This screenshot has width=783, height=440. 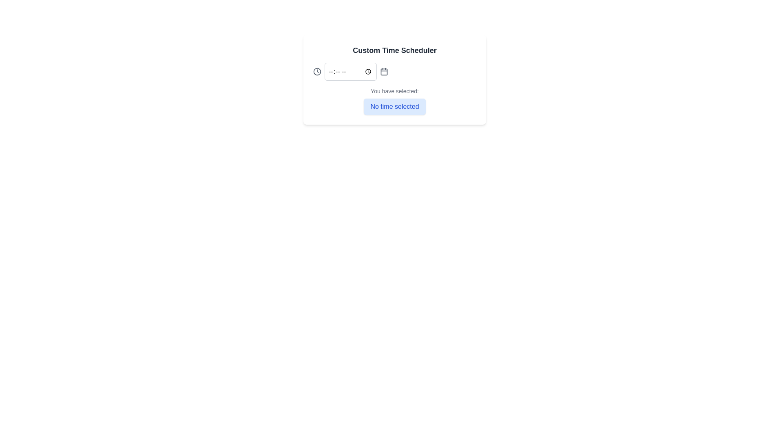 What do you see at coordinates (395, 106) in the screenshot?
I see `the text label that indicates no time has been selected, which is located within a rounded box with a light blue background, below the 'You have selected:' label` at bounding box center [395, 106].